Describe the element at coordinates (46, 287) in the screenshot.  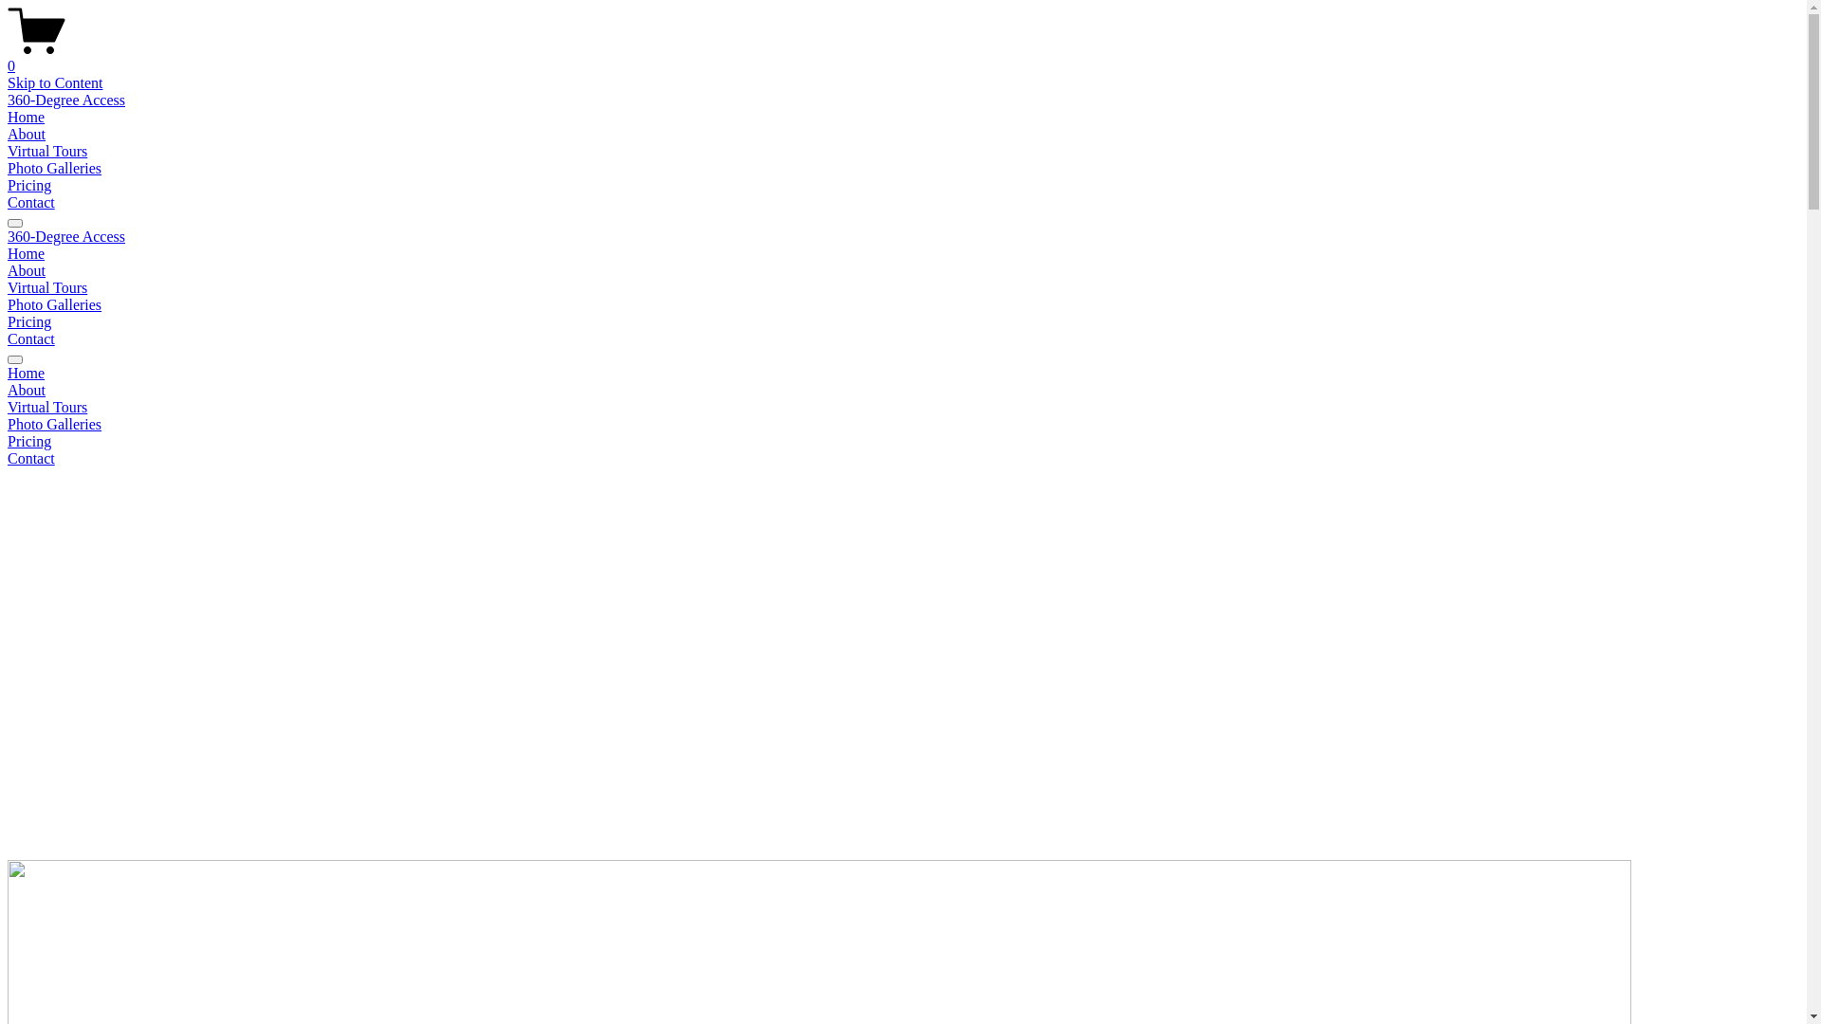
I see `'Virtual Tours'` at that location.